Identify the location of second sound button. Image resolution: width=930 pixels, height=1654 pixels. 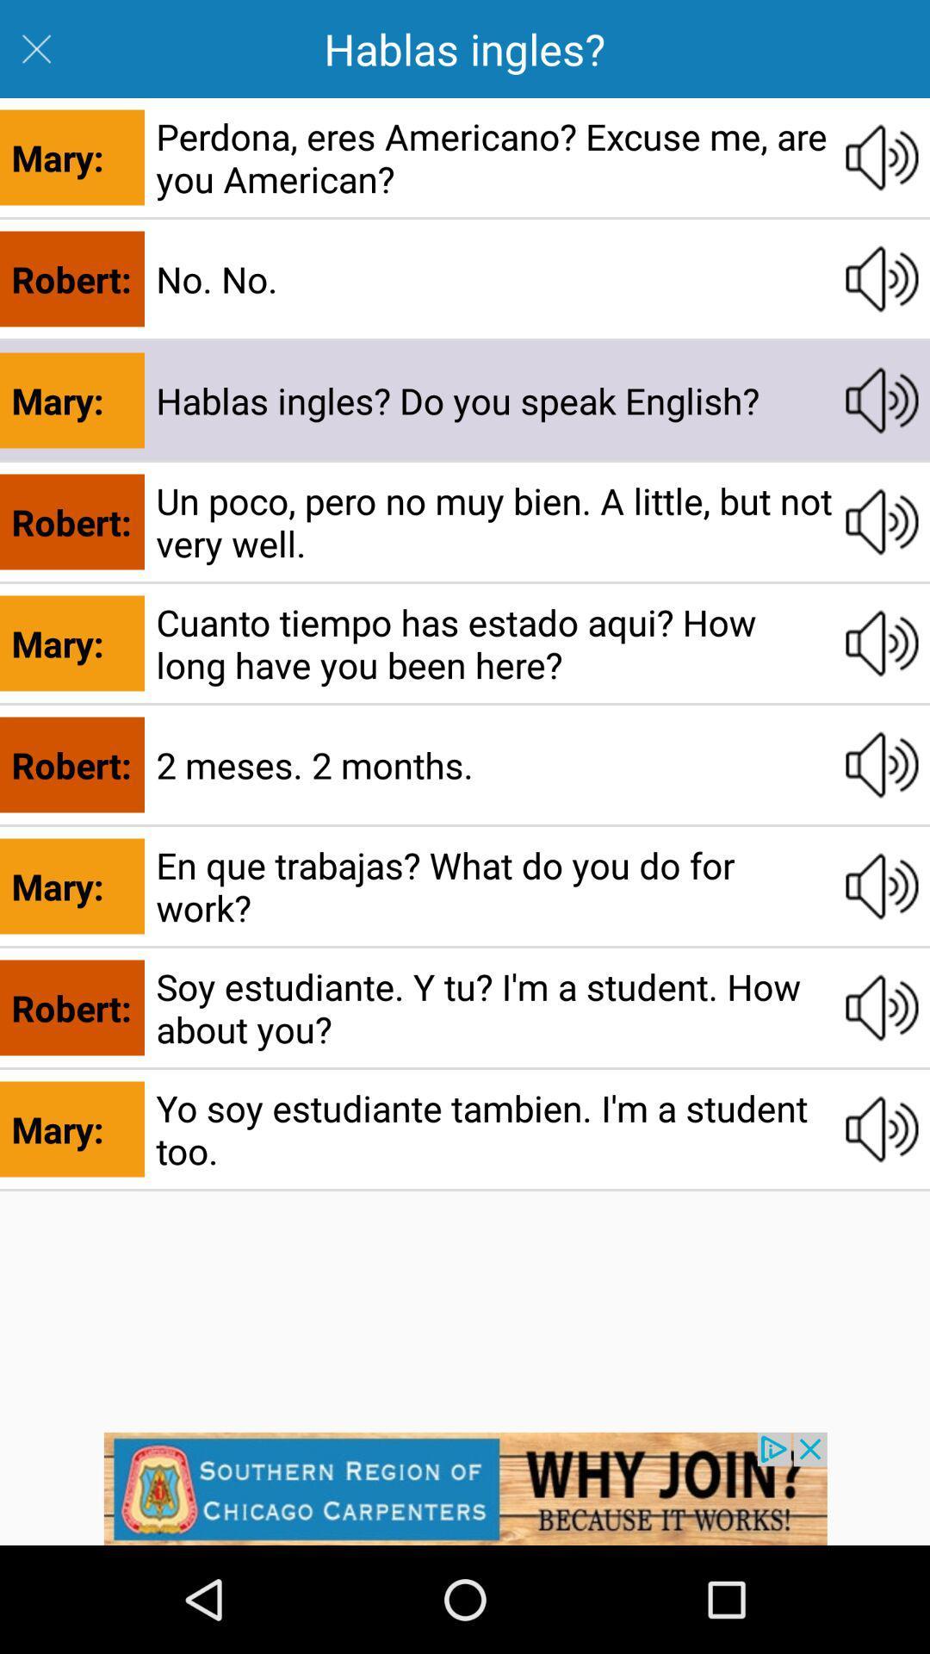
(882, 279).